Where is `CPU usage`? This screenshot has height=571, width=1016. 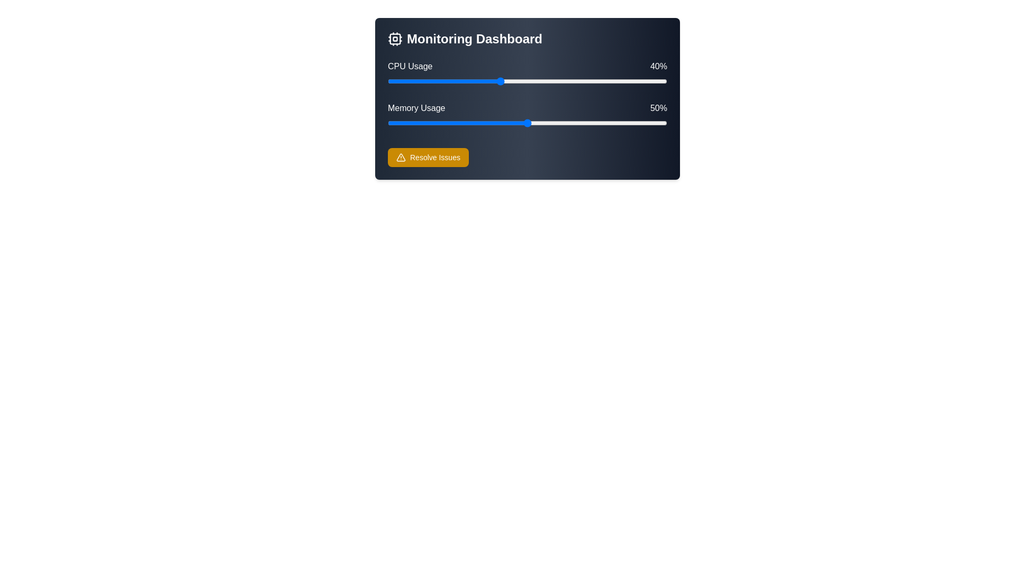
CPU usage is located at coordinates (430, 81).